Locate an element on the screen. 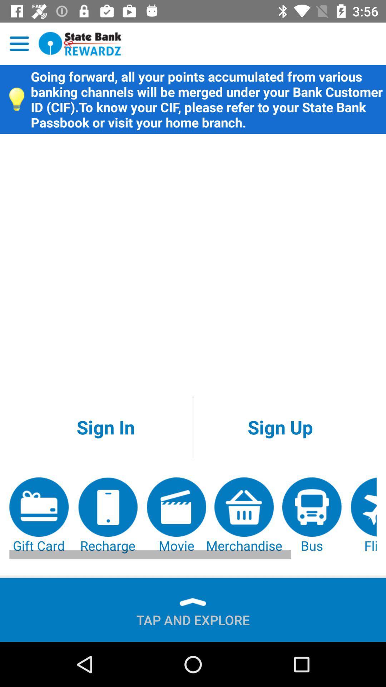 This screenshot has height=687, width=386. bus icon is located at coordinates (311, 516).